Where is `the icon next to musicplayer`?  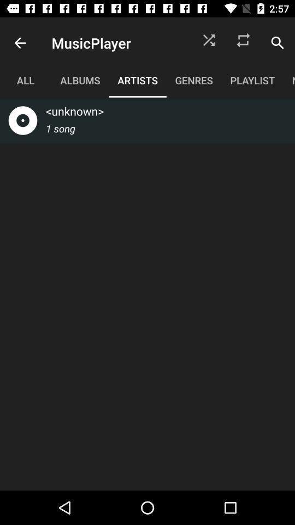 the icon next to musicplayer is located at coordinates (20, 43).